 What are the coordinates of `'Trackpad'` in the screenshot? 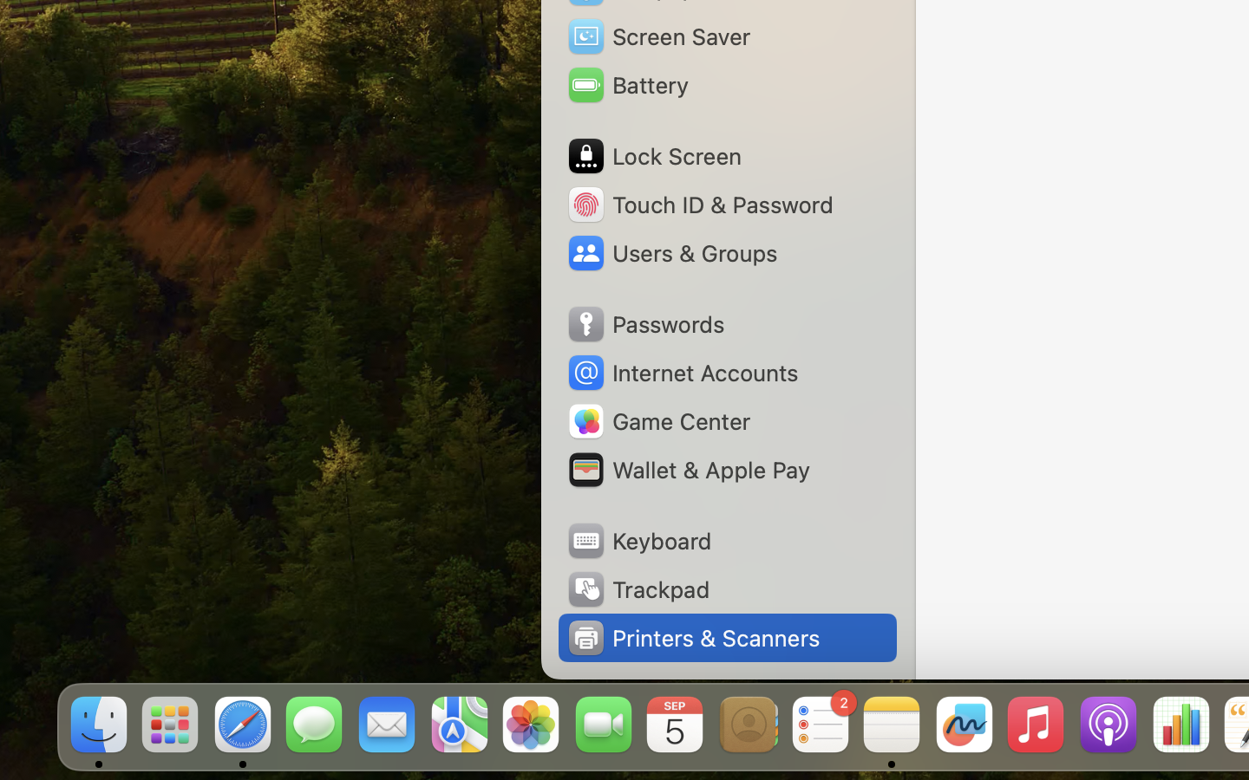 It's located at (636, 588).